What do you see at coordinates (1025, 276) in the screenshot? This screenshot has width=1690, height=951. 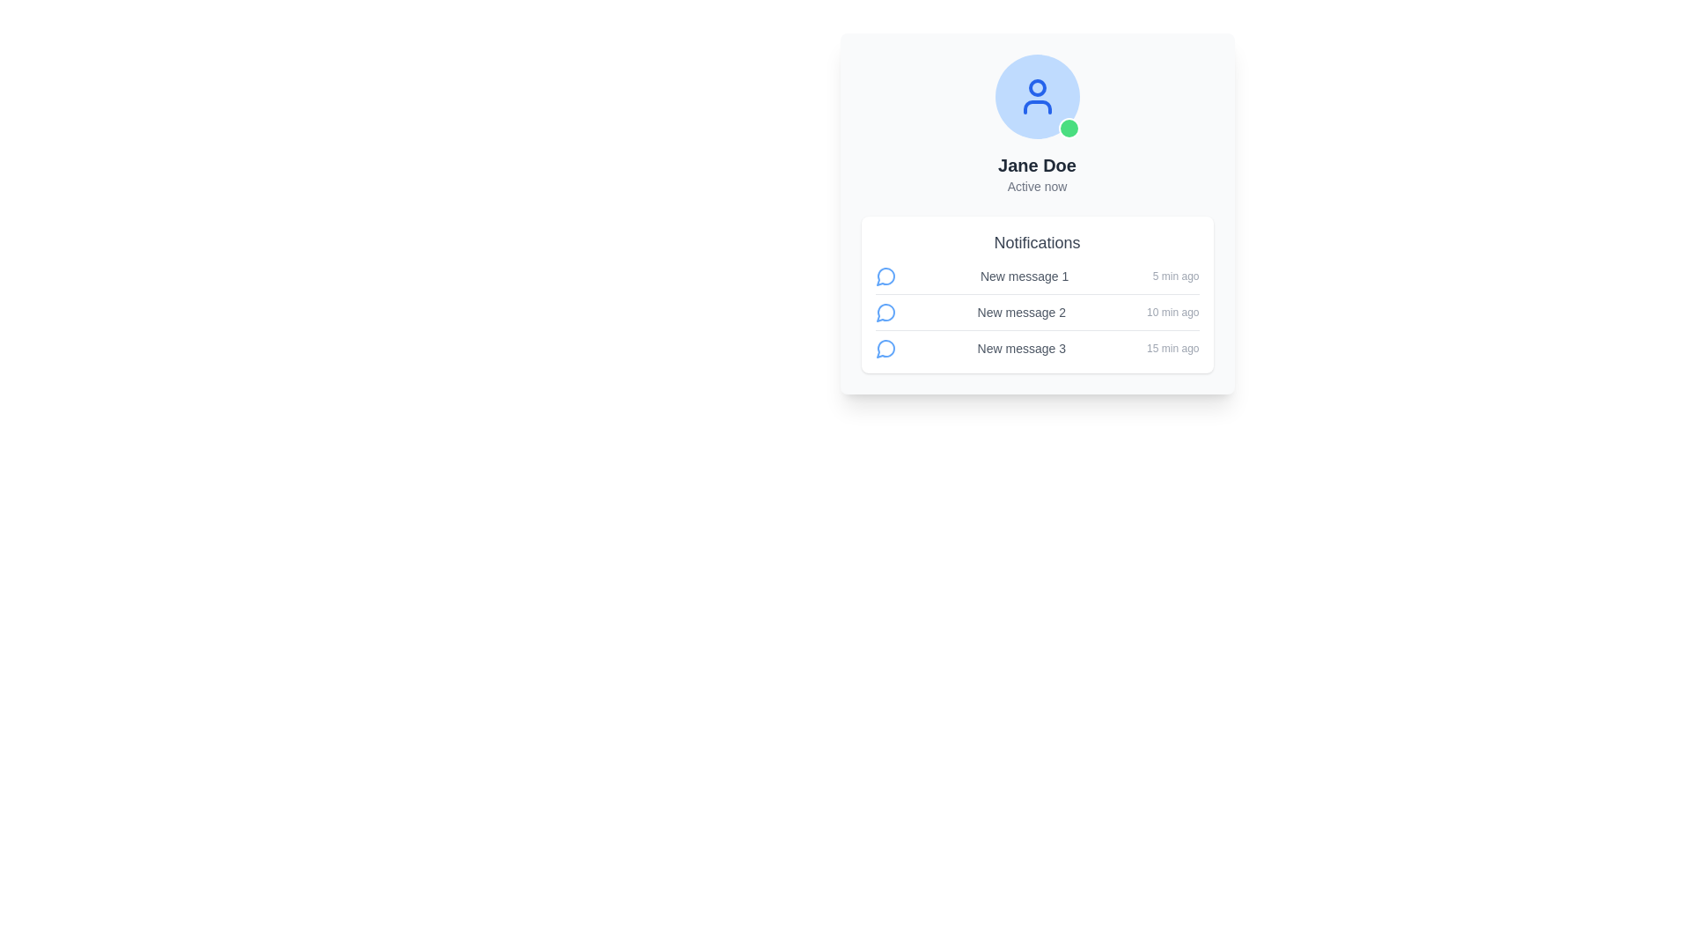 I see `the text label that displays the notification titled 'New message 1', located in the first notification item of the list` at bounding box center [1025, 276].